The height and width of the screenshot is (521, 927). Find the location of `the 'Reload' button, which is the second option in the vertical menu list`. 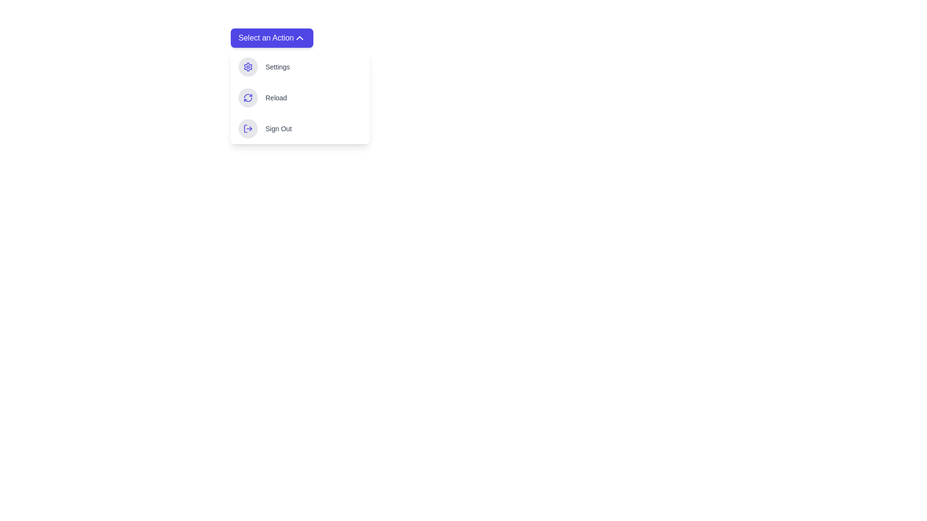

the 'Reload' button, which is the second option in the vertical menu list is located at coordinates (300, 98).